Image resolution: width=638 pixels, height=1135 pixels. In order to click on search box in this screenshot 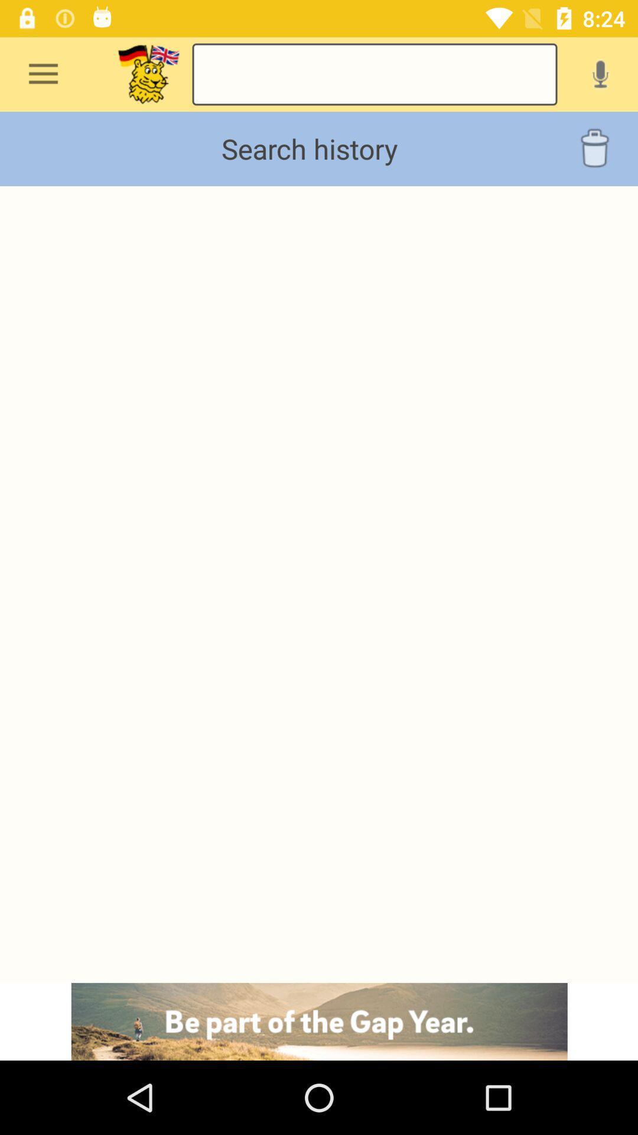, I will do `click(148, 73)`.